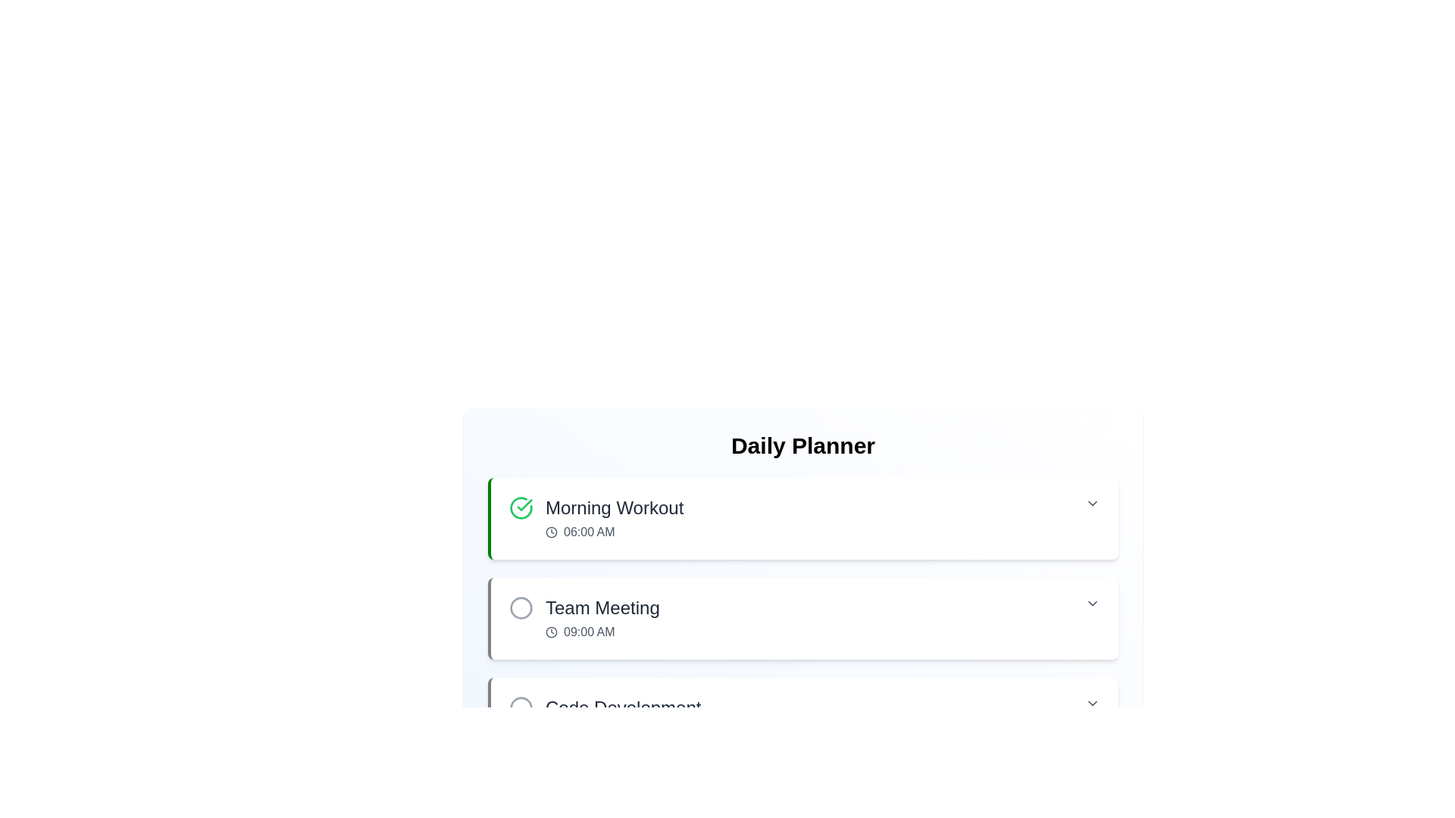 This screenshot has width=1455, height=818. What do you see at coordinates (602, 607) in the screenshot?
I see `the Text label that serves as the title of a specific event in the daily planner to associate it with the corresponding event details` at bounding box center [602, 607].